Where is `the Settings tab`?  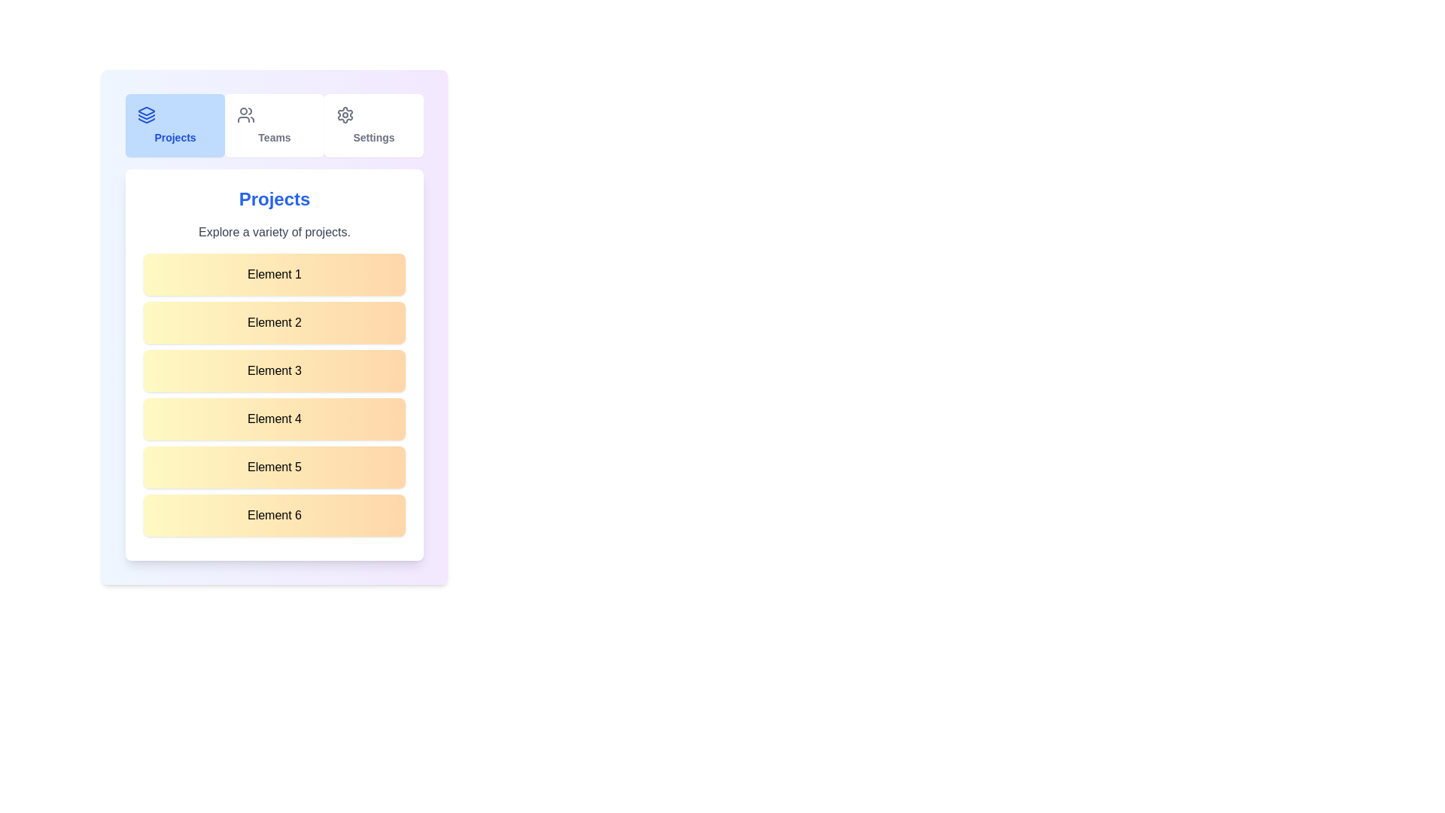
the Settings tab is located at coordinates (374, 124).